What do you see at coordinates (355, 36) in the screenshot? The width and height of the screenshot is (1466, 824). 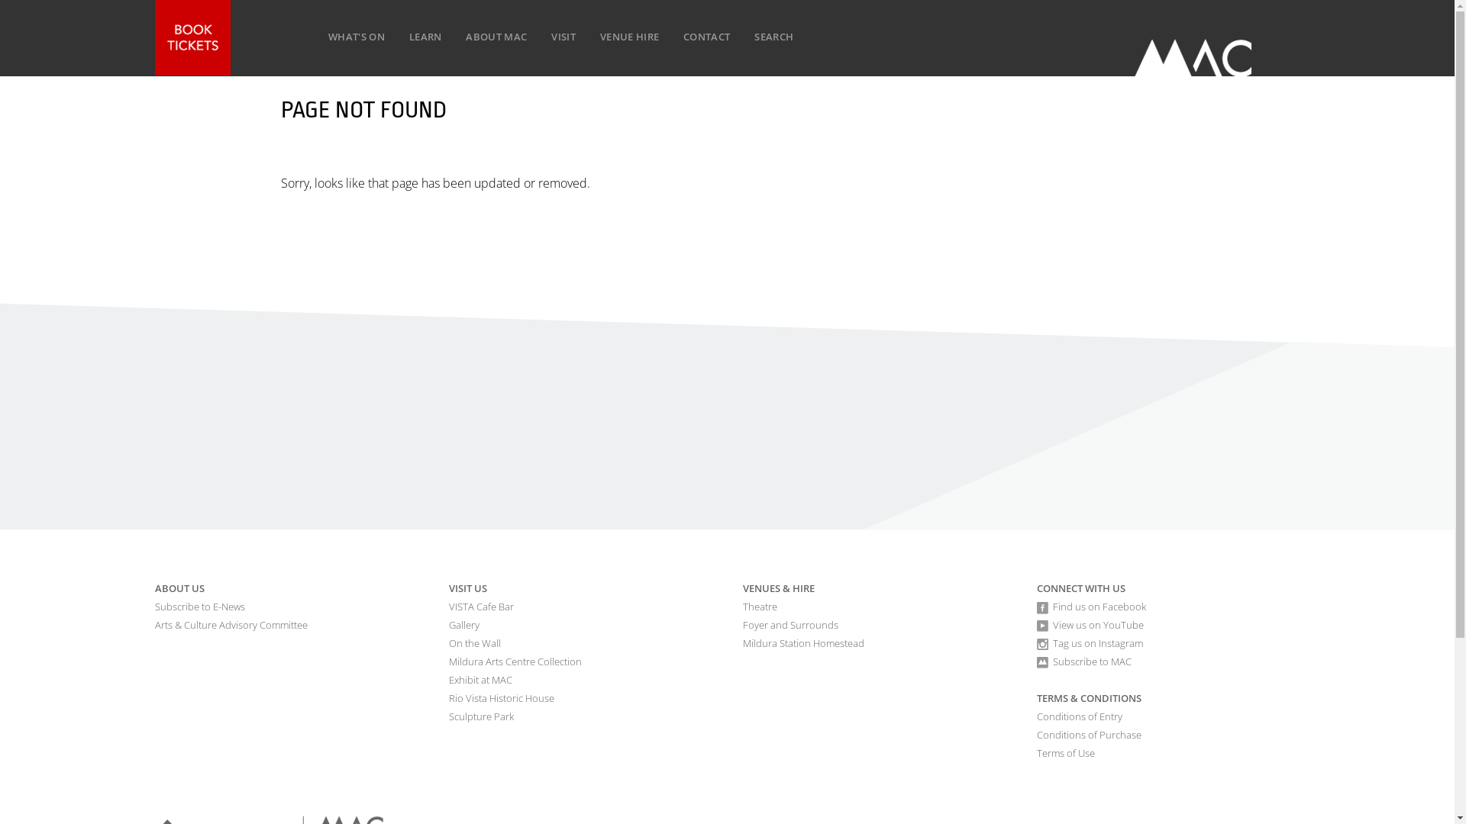 I see `'WHAT'S ON'` at bounding box center [355, 36].